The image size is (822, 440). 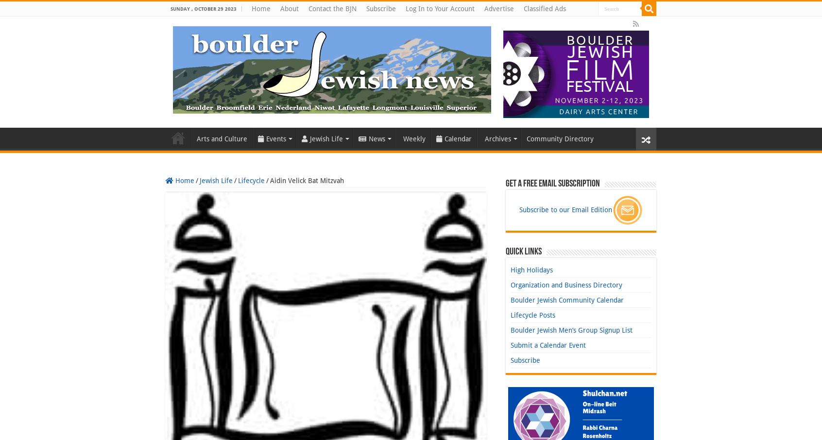 I want to click on 'Lifecycle', so click(x=251, y=180).